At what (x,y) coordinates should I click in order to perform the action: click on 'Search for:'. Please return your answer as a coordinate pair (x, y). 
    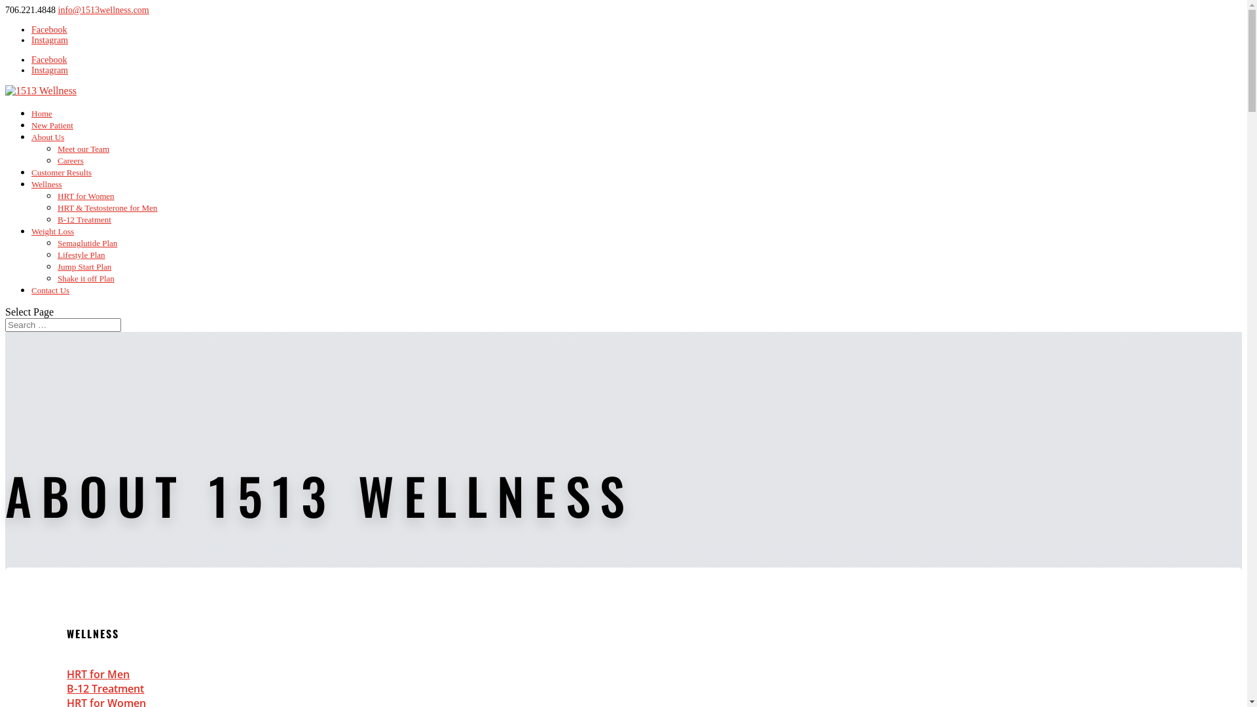
    Looking at the image, I should click on (5, 324).